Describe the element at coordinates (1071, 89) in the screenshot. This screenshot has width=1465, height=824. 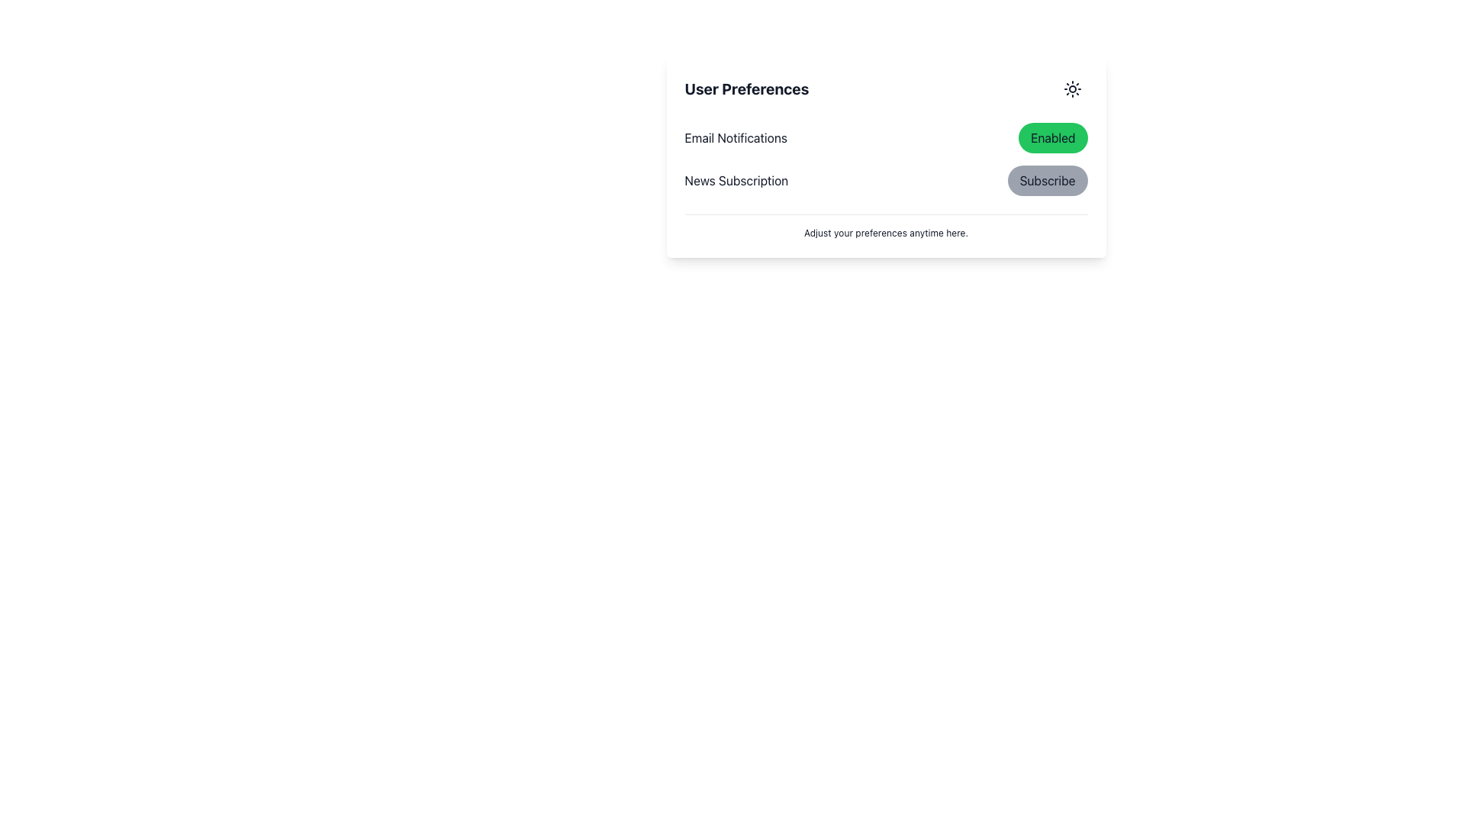
I see `the sun icon with radiating lines located in the top-right corner of the user preference card` at that location.